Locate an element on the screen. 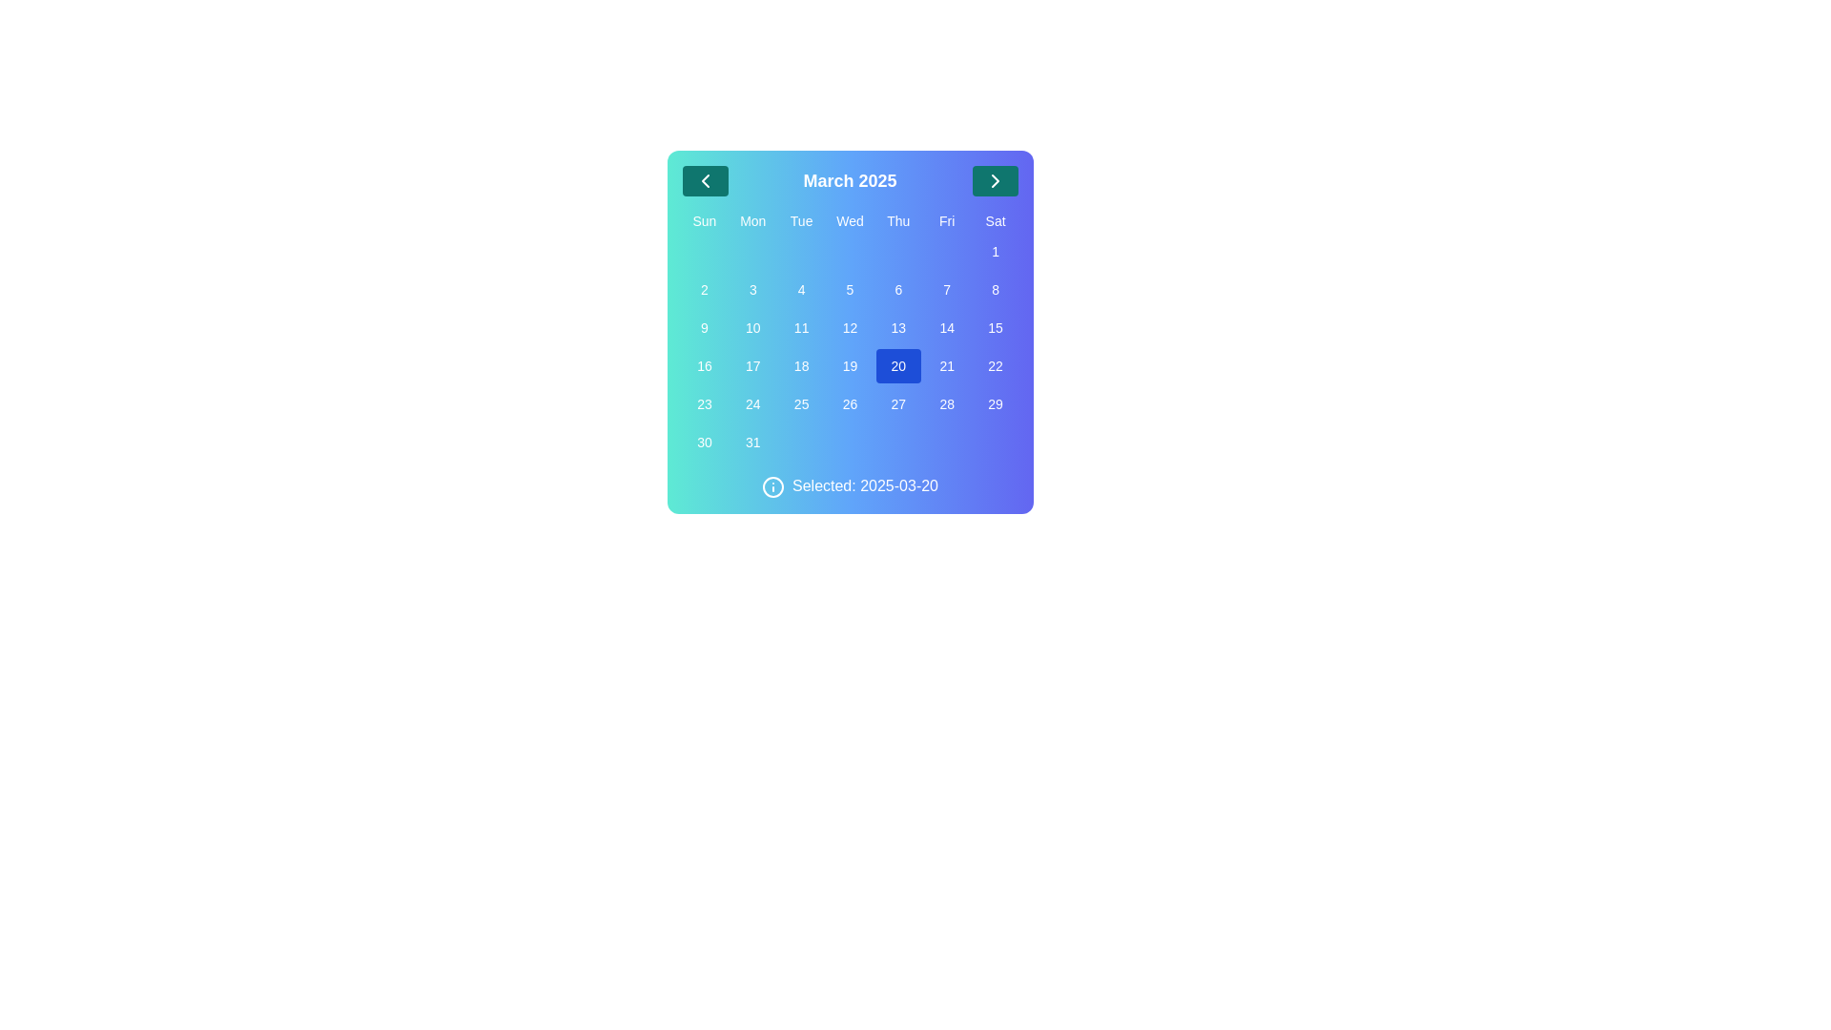  the static text label representing 'Fri', which is the sixth item in the weekday header of the calendar interface, located between 'Thu' and 'Sat' is located at coordinates (947, 219).